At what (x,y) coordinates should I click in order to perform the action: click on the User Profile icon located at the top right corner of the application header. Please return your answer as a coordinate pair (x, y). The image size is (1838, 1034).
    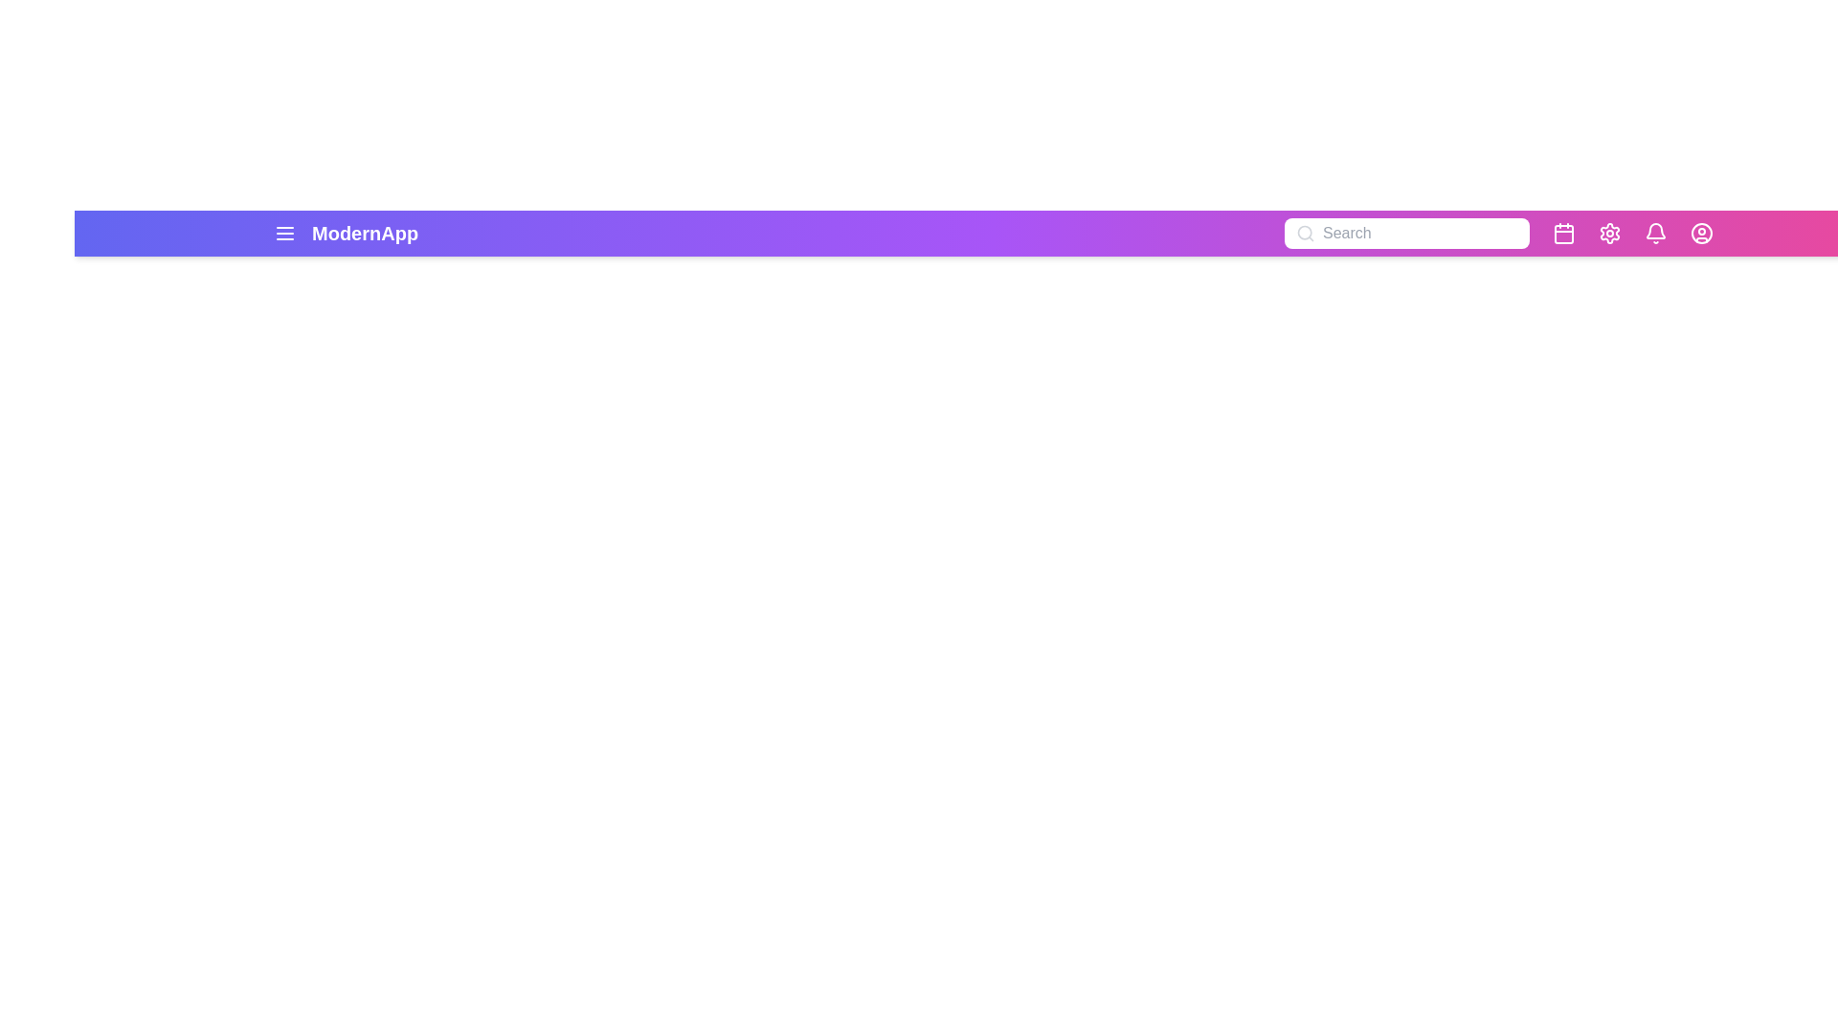
    Looking at the image, I should click on (1701, 232).